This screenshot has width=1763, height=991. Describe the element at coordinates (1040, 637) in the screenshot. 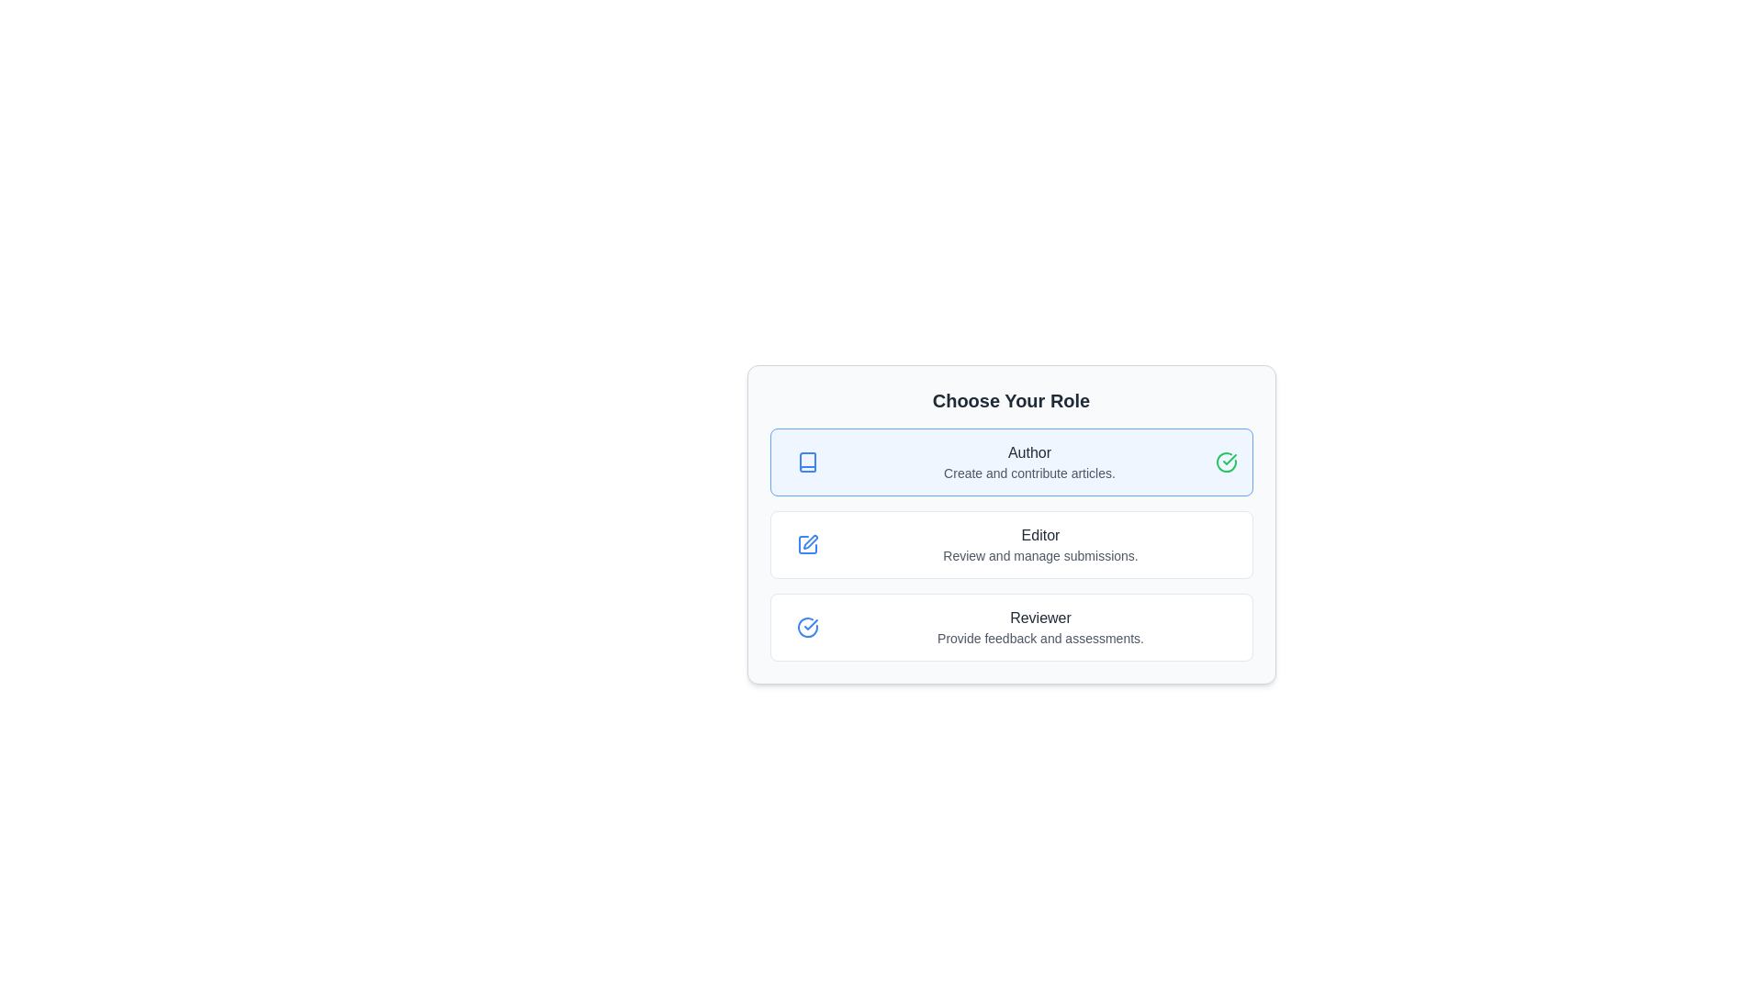

I see `descriptive text label providing information about the 'Reviewer' role, located directly below the bold title 'Reviewer' in the 'Choose Your Role' interface` at that location.